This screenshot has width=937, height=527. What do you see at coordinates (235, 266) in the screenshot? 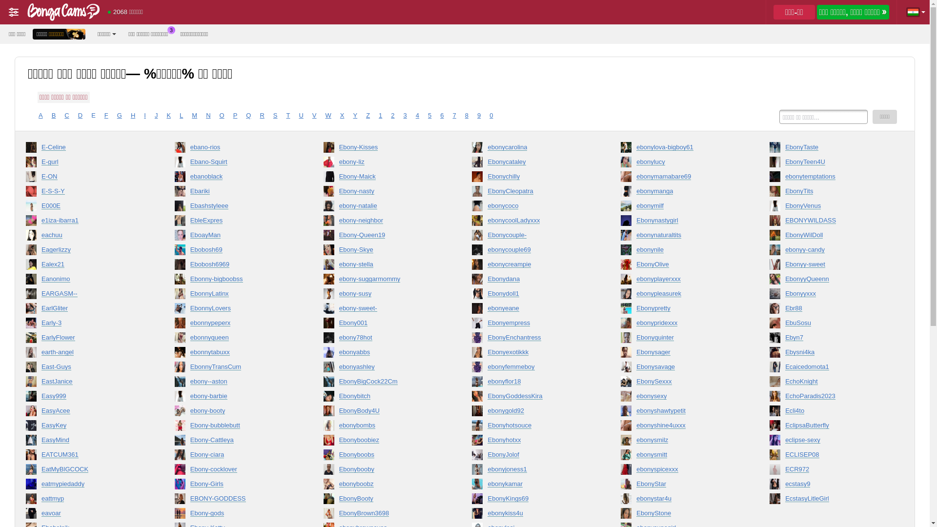
I see `'Ebobosh6969'` at bounding box center [235, 266].